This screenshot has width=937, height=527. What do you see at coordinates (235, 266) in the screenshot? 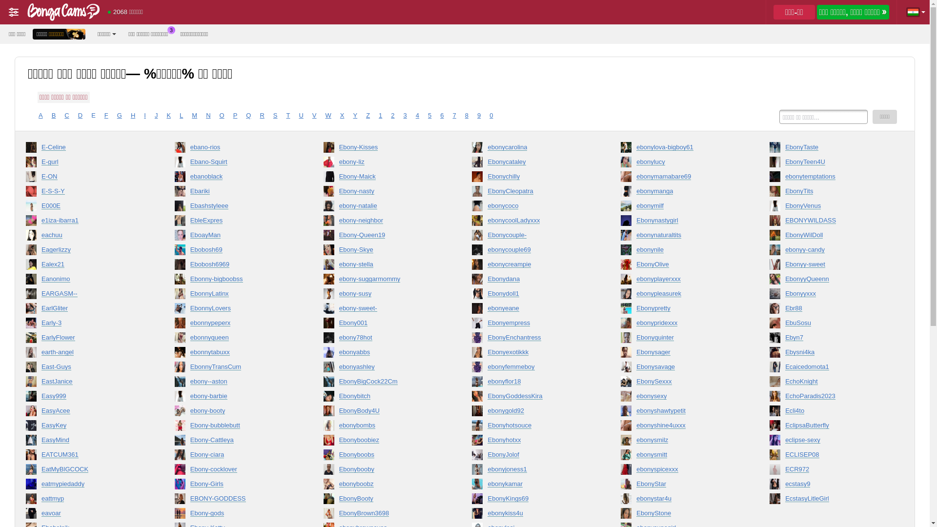
I see `'Ebobosh6969'` at bounding box center [235, 266].